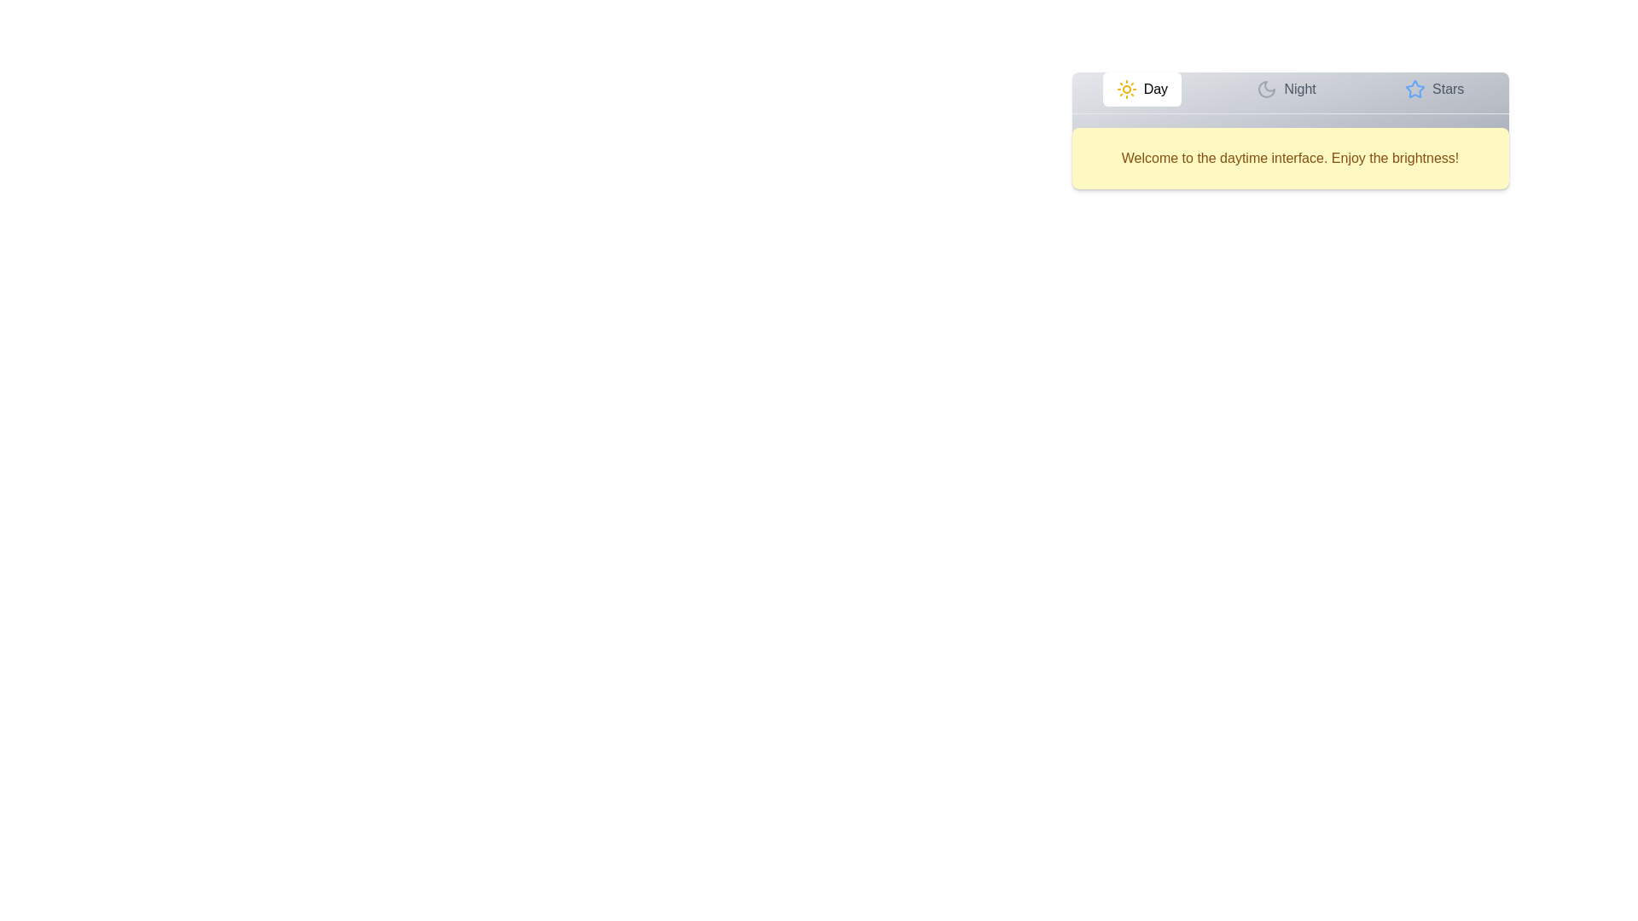  What do you see at coordinates (1141, 89) in the screenshot?
I see `the Day tab` at bounding box center [1141, 89].